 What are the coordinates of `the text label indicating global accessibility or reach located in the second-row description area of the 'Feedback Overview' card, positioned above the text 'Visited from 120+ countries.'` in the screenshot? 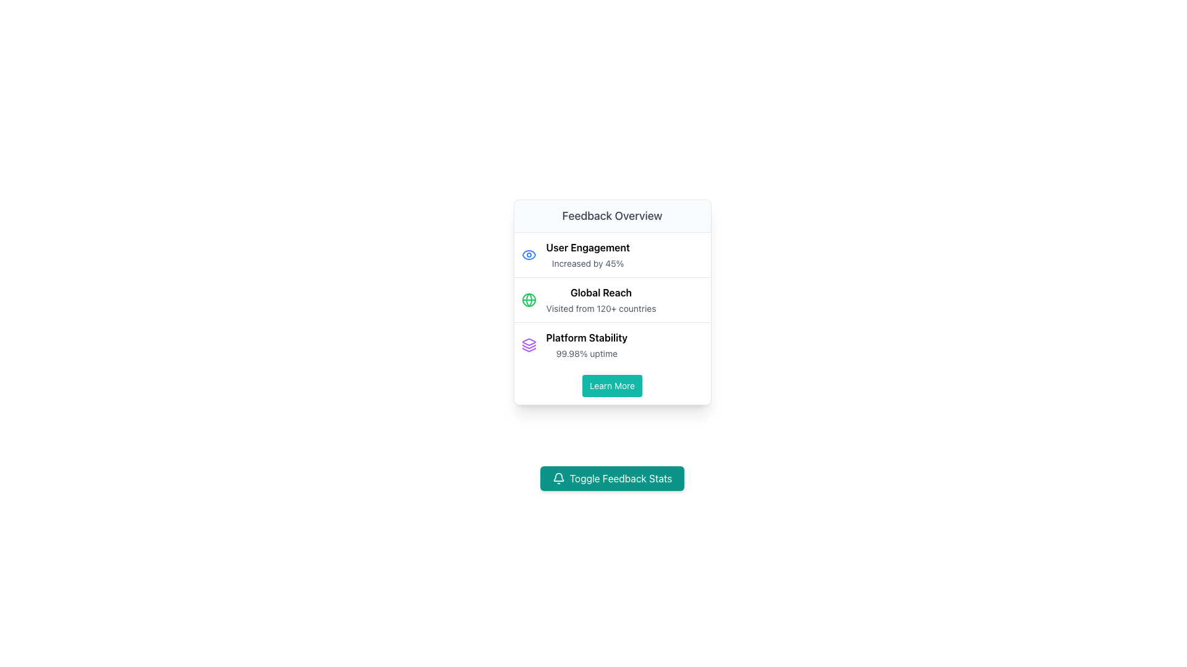 It's located at (601, 293).